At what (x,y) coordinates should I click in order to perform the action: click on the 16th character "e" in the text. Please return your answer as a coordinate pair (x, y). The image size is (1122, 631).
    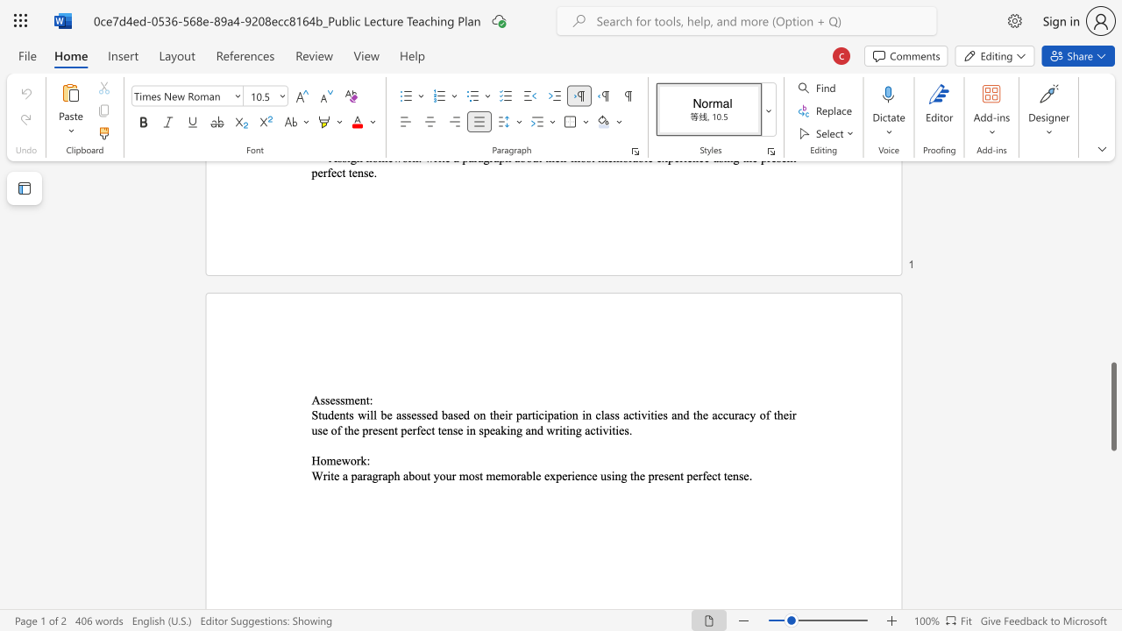
    Looking at the image, I should click on (444, 430).